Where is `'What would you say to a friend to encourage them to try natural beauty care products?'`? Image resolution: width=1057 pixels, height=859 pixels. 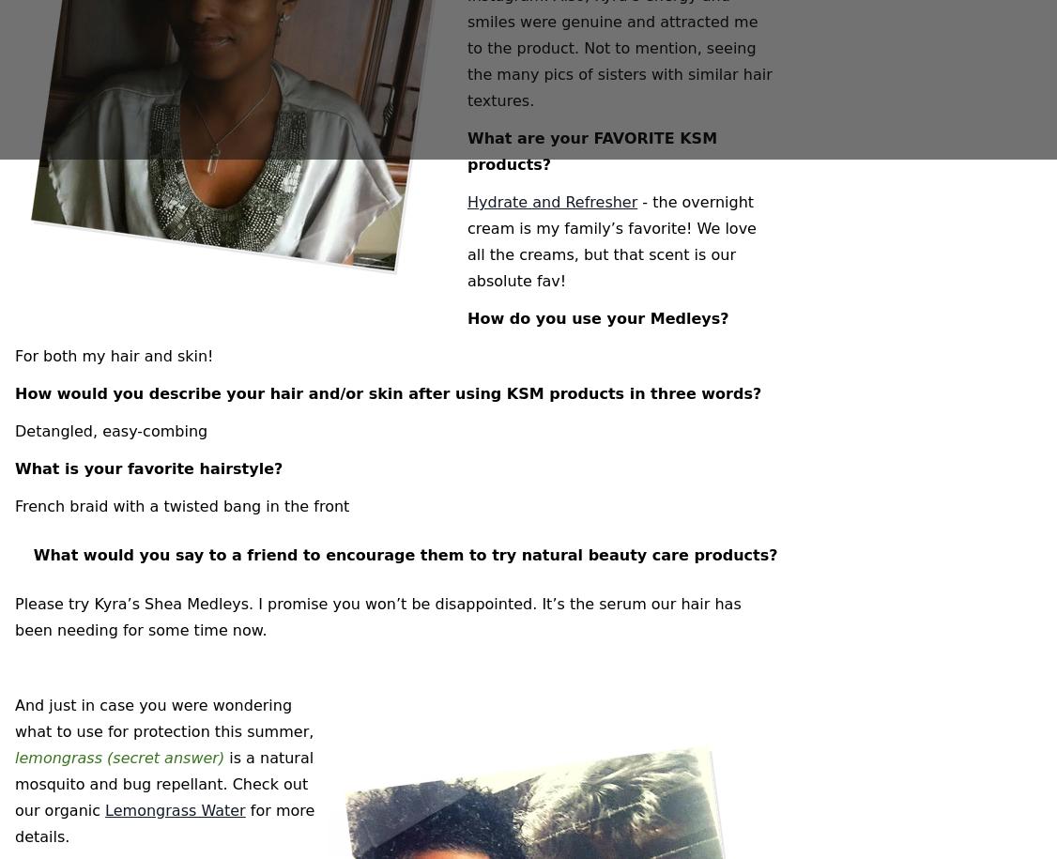 'What would you say to a friend to encourage them to try natural beauty care products?' is located at coordinates (404, 554).